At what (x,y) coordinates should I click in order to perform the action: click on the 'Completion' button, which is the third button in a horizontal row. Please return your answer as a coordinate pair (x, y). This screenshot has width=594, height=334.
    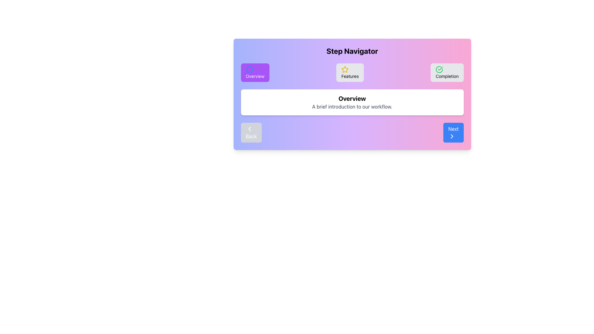
    Looking at the image, I should click on (447, 72).